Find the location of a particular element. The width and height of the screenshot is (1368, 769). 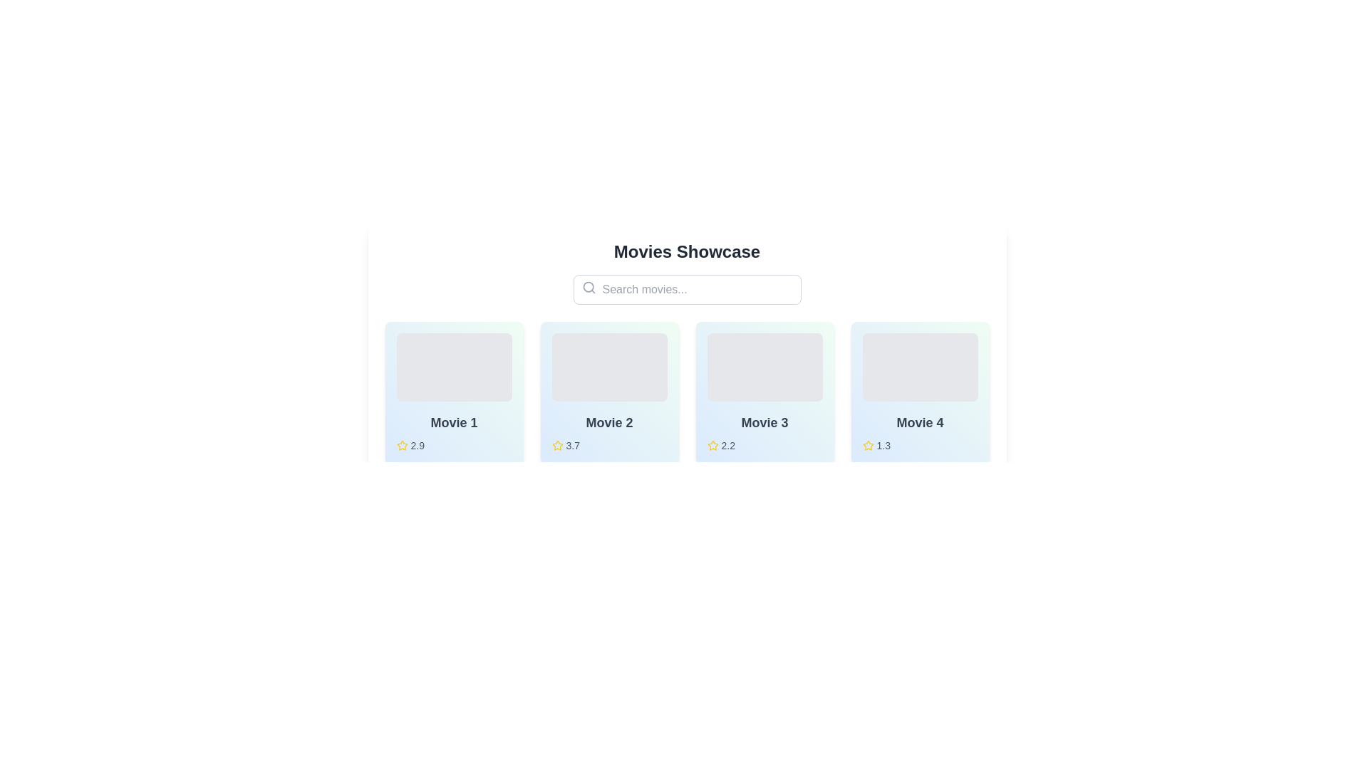

the search icon located to the left of the 'Search movies...' text input field, which visually indicates the search functionality is located at coordinates (589, 288).